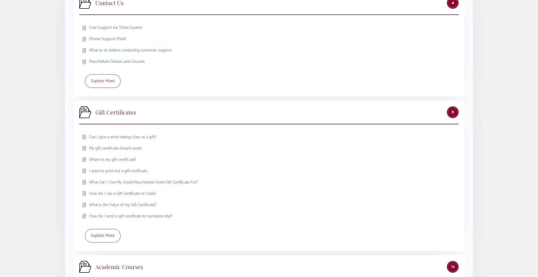  I want to click on 'Where is my gift certificate?', so click(89, 159).